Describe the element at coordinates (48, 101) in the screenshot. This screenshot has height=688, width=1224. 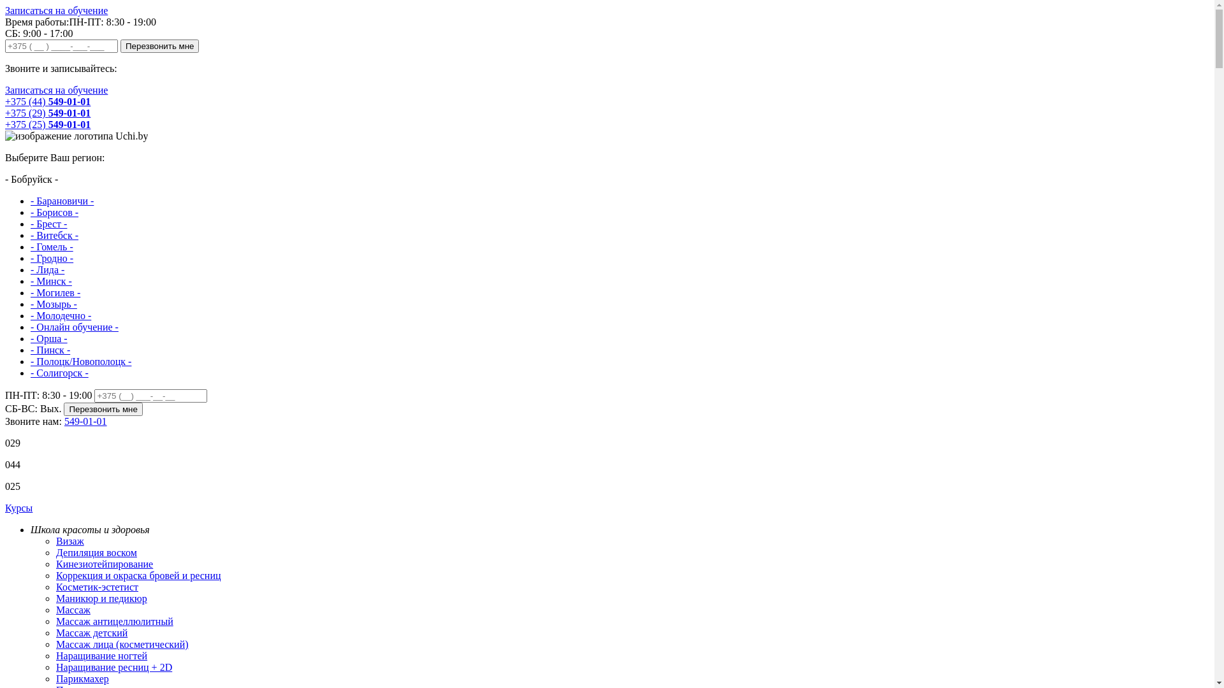
I see `'+375 (44) 549-01-01'` at that location.